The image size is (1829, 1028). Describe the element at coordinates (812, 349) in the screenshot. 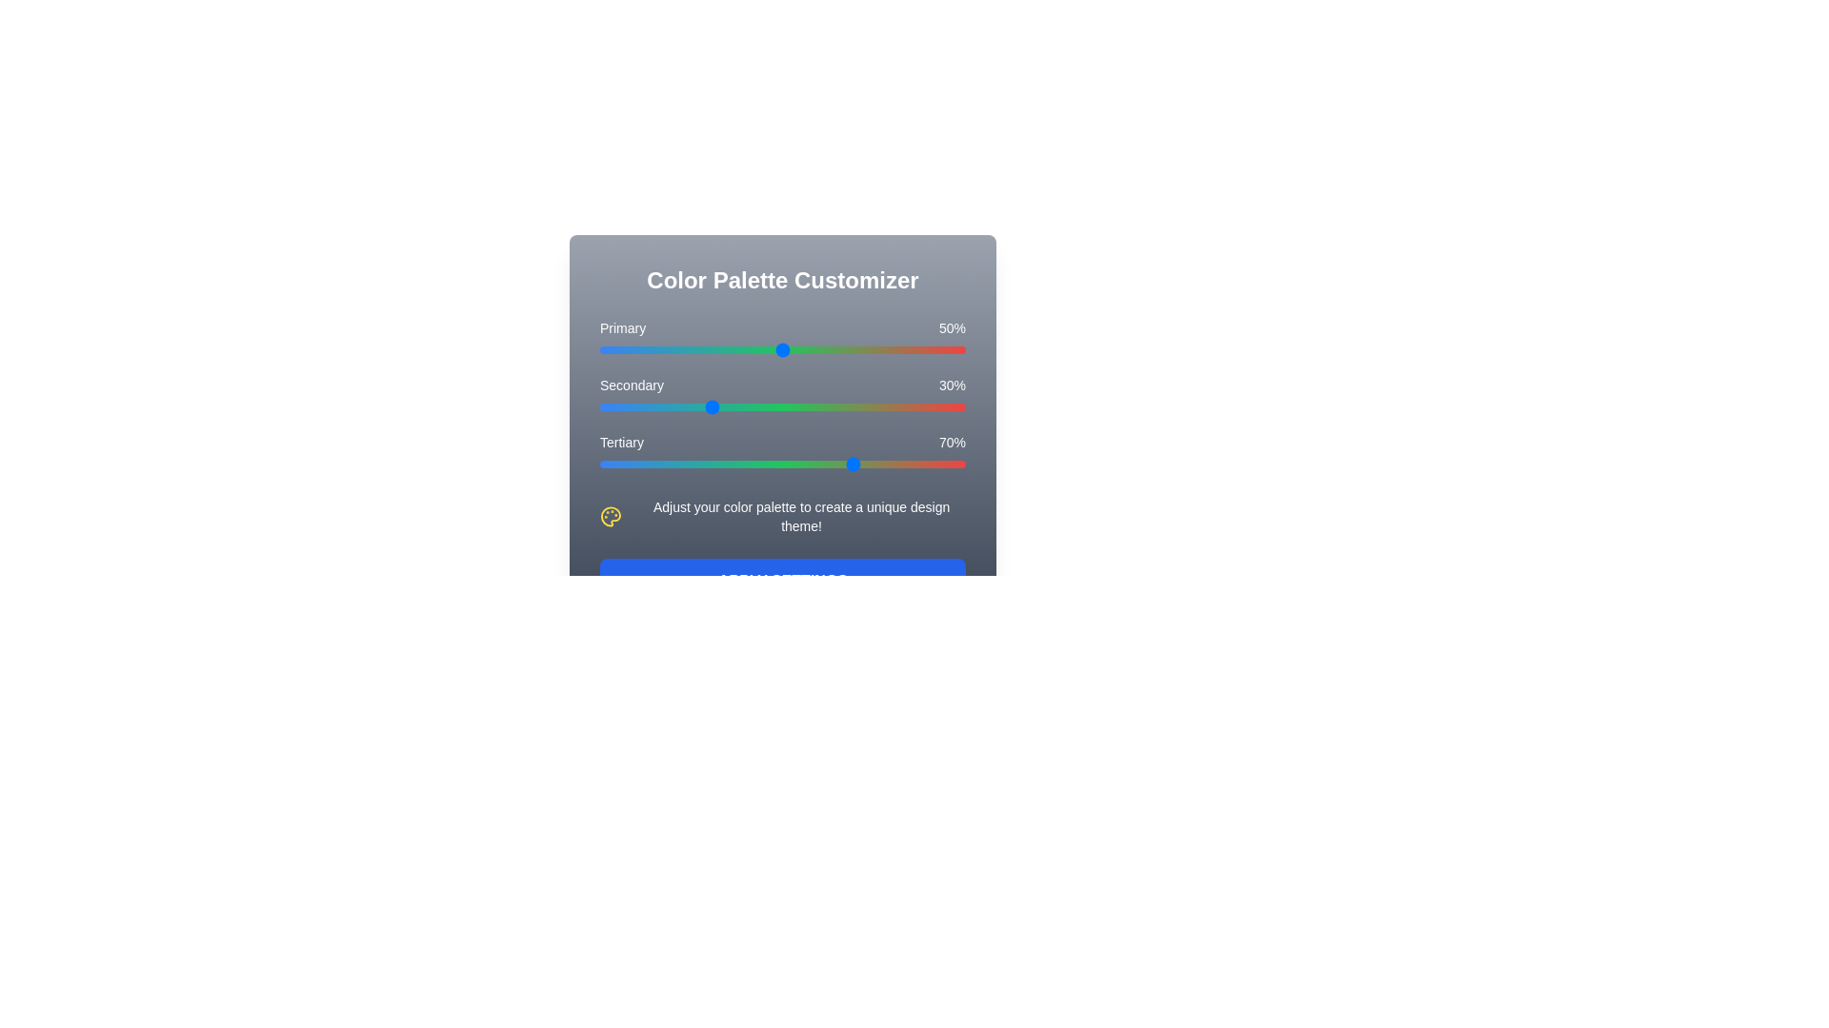

I see `the primary color intensity` at that location.